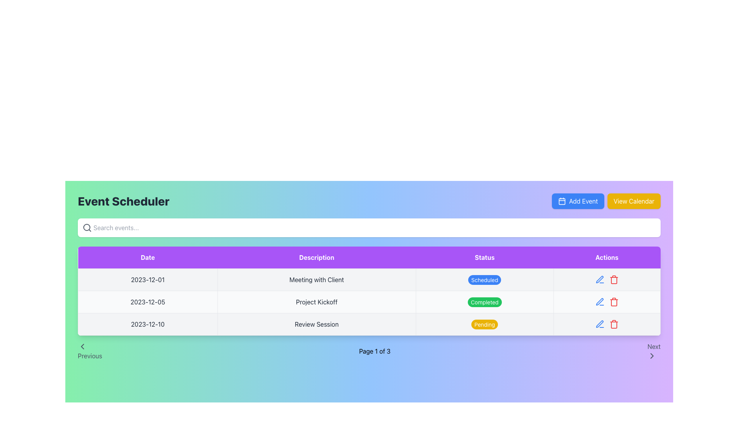 This screenshot has width=751, height=422. What do you see at coordinates (613, 324) in the screenshot?
I see `the red trash bin icon button located in the bottom-right corner of the action column` at bounding box center [613, 324].